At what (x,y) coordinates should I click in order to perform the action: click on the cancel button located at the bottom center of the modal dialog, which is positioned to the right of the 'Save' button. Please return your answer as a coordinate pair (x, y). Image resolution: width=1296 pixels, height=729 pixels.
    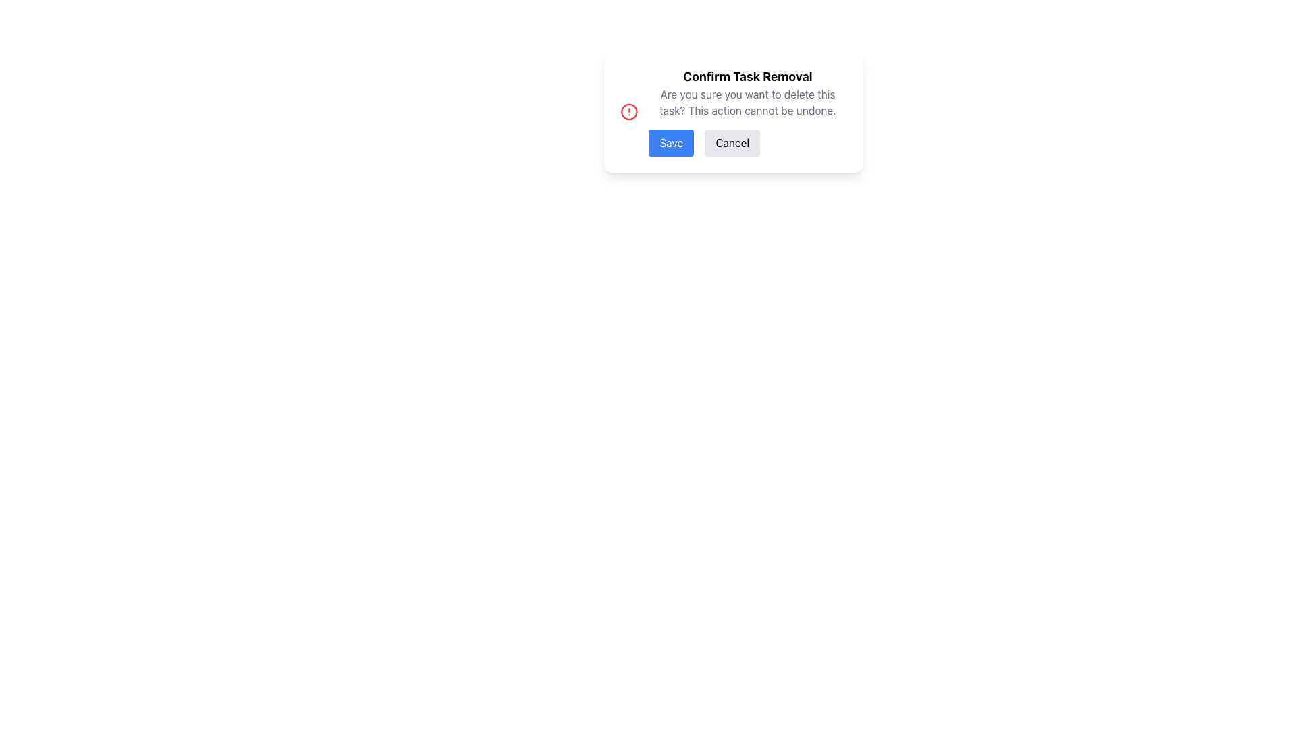
    Looking at the image, I should click on (732, 143).